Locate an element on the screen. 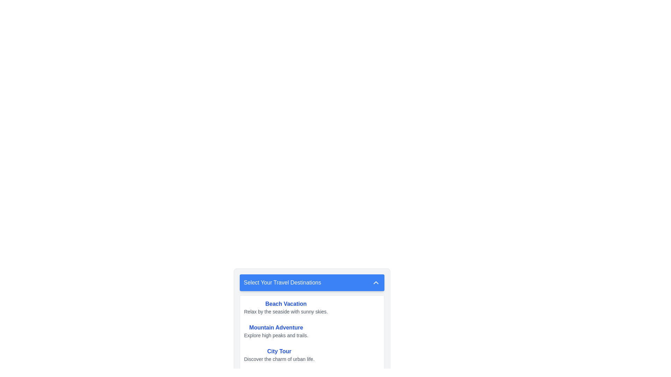  the text block titled 'Beach Vacation' which contains the subtitle 'Relax by the seaside with sunny skies.' located below the header 'Select Your Travel Destinations' is located at coordinates (286, 307).